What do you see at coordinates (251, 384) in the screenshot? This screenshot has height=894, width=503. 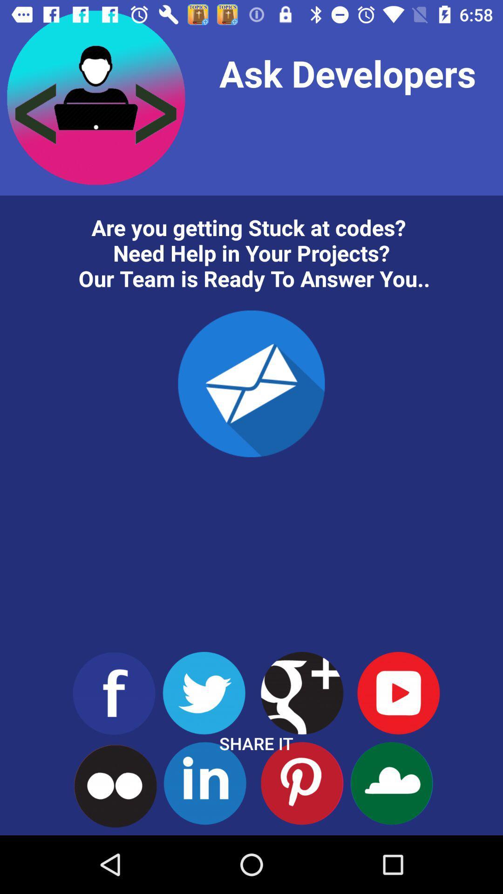 I see `the icon below the are you getting item` at bounding box center [251, 384].